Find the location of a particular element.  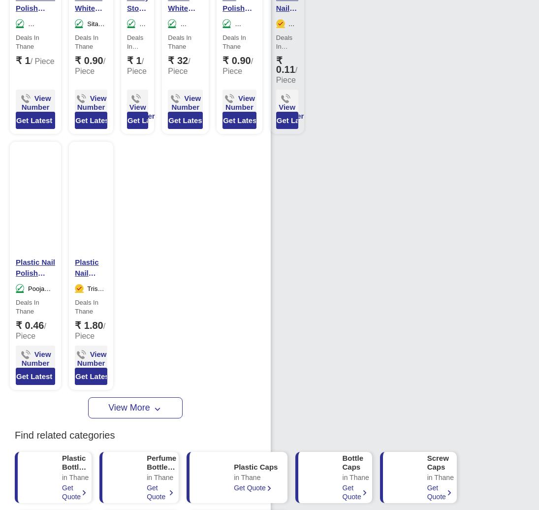

'Bottle Caps' is located at coordinates (352, 462).